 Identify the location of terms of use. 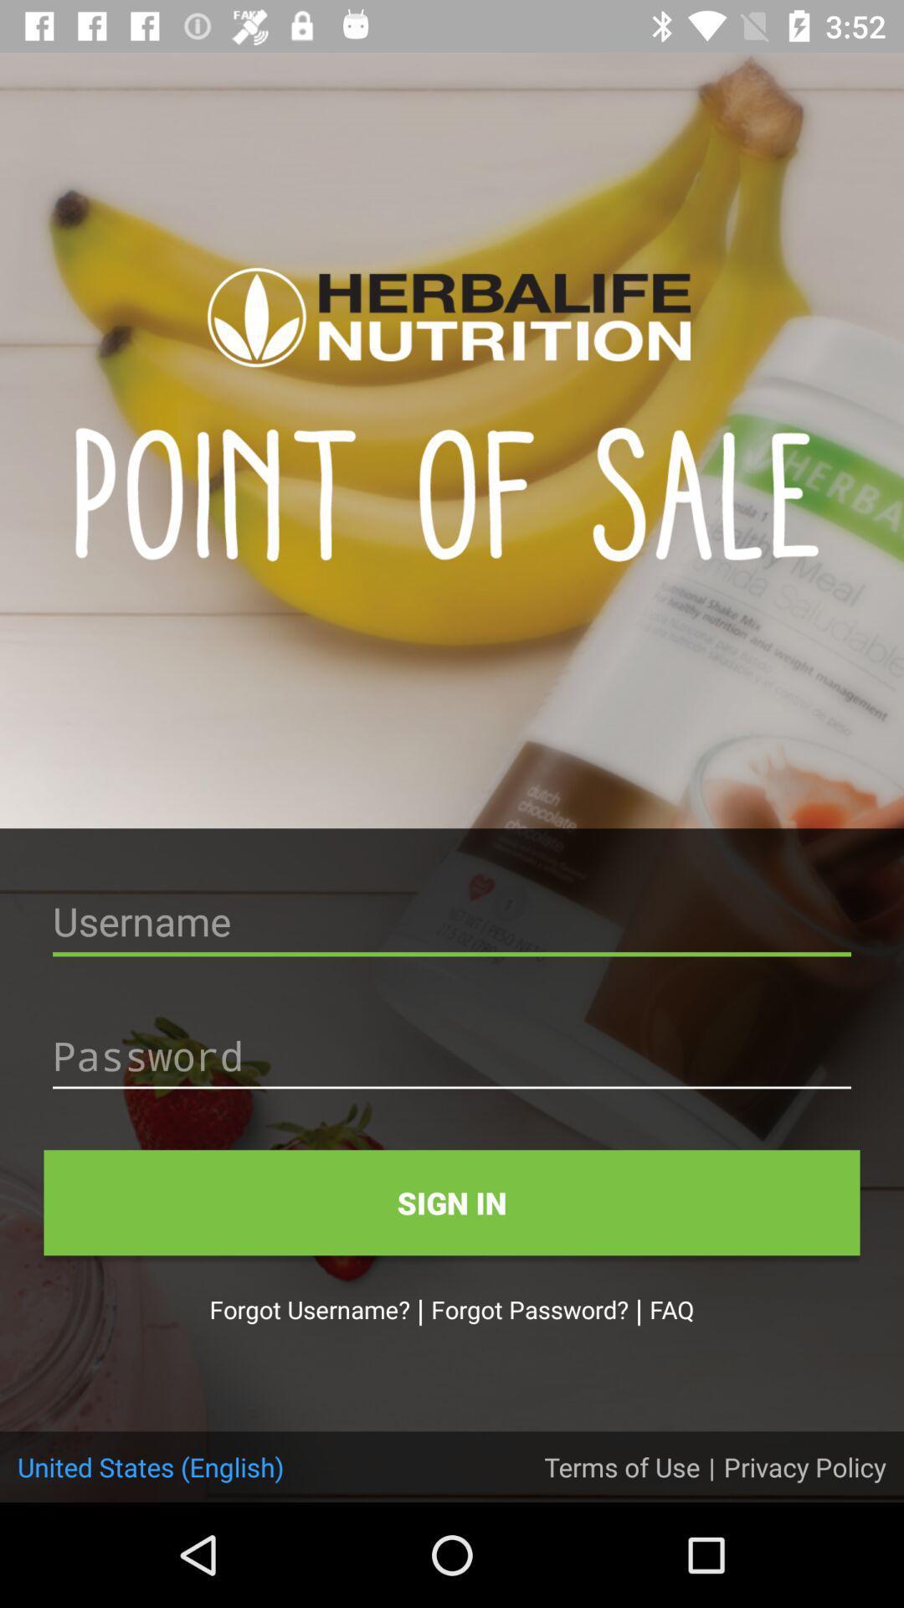
(622, 1466).